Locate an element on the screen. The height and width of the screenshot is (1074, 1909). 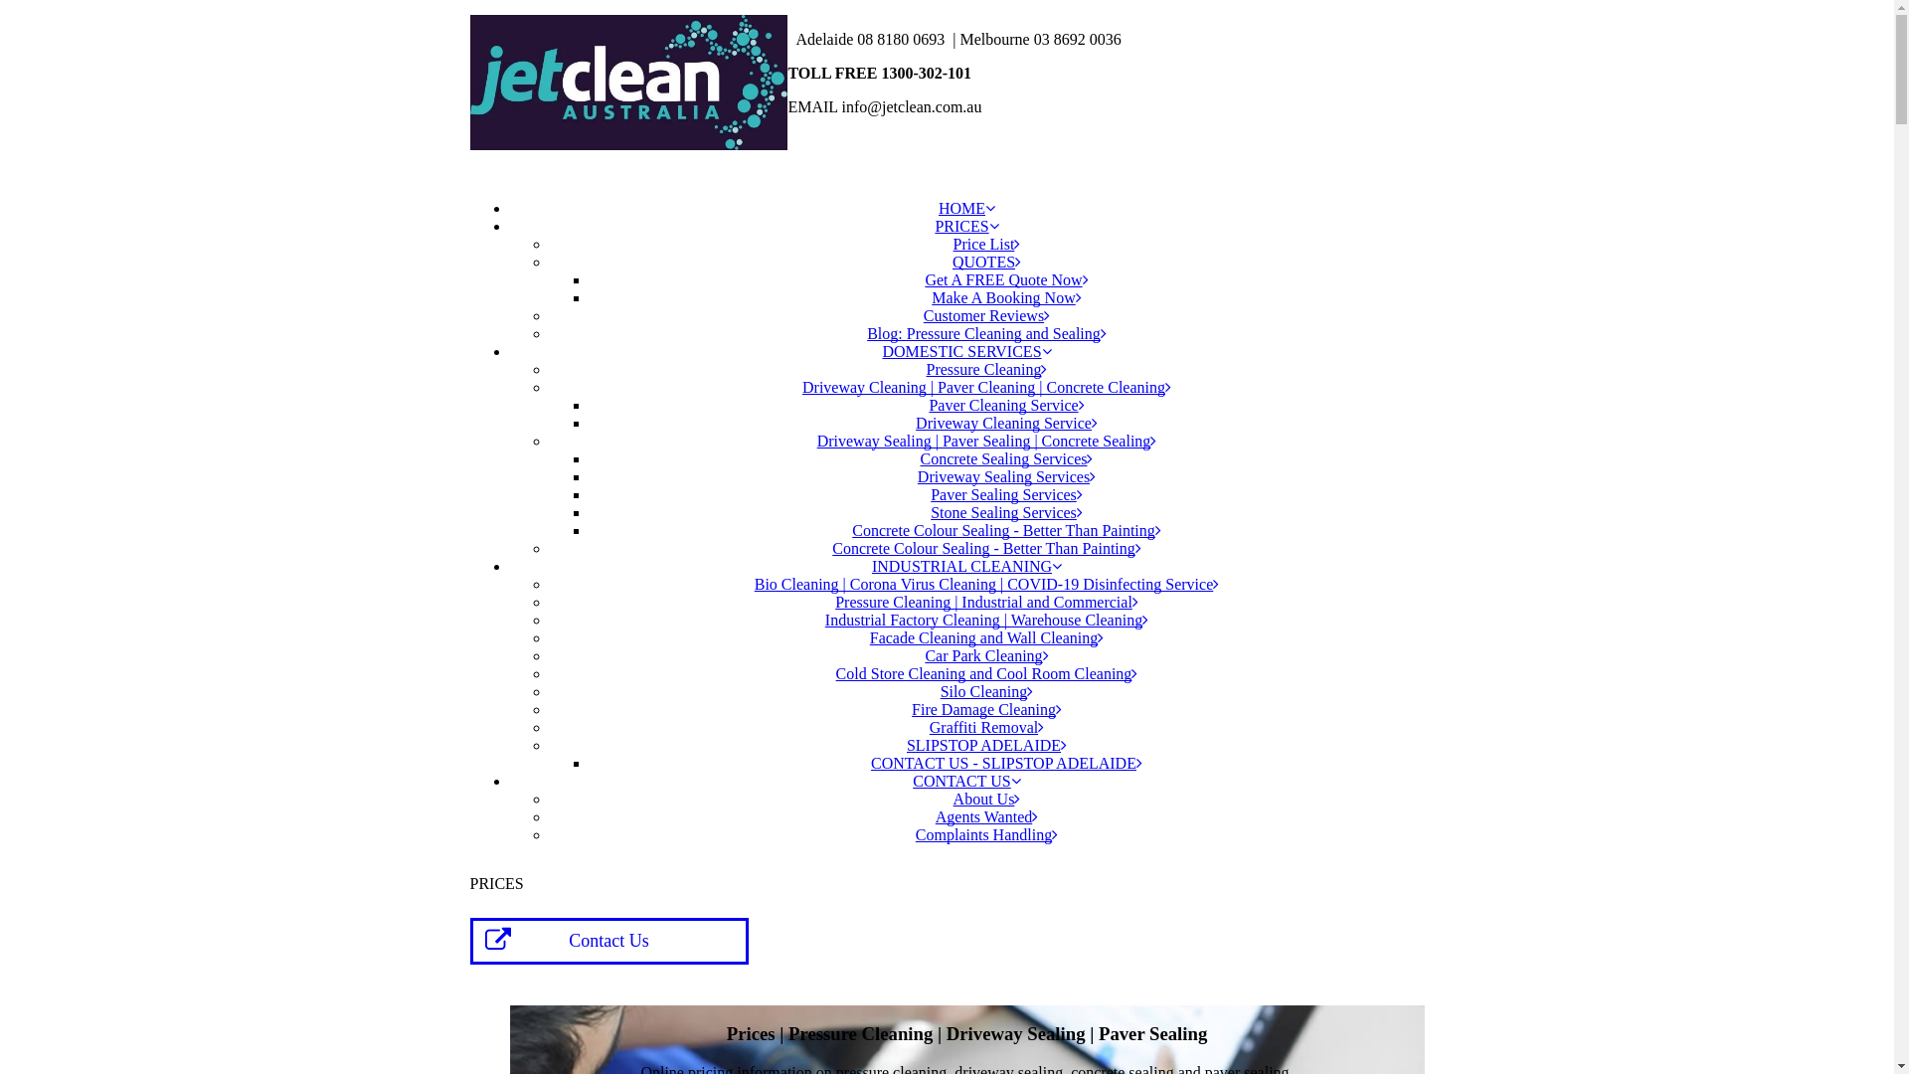
'SLIPSTOP ADELAIDE' is located at coordinates (986, 745).